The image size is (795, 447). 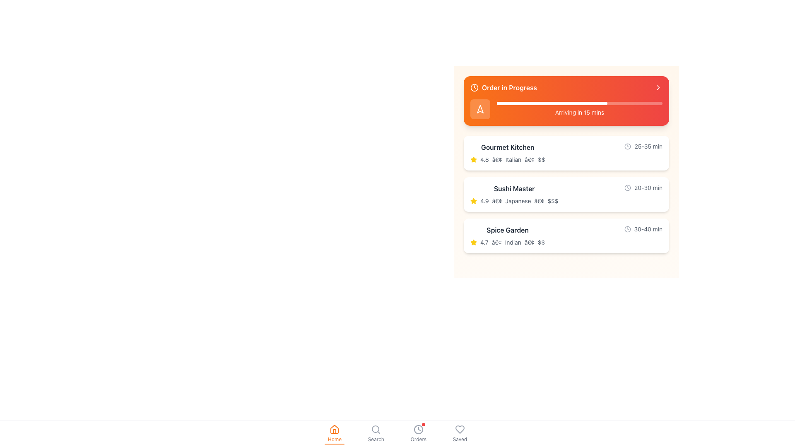 I want to click on the clock icon styled with an outline design, located at the beginning of the 'Order in Progress' section in an orange bar at the top of a card interface, so click(x=475, y=88).